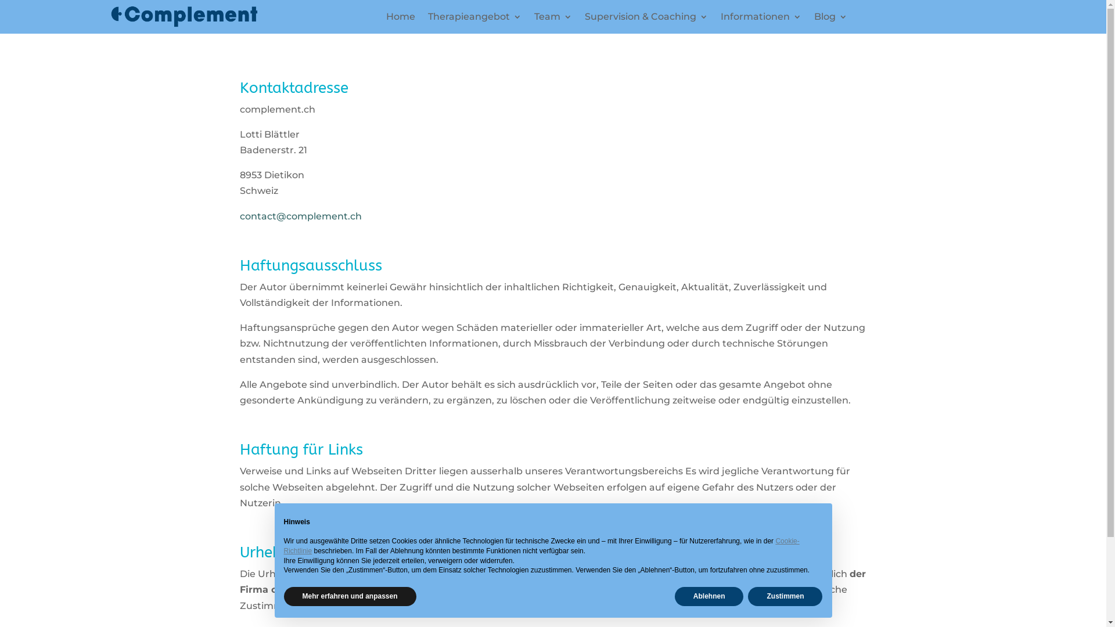 Image resolution: width=1115 pixels, height=627 pixels. Describe the element at coordinates (708, 596) in the screenshot. I see `'Ablehnen'` at that location.